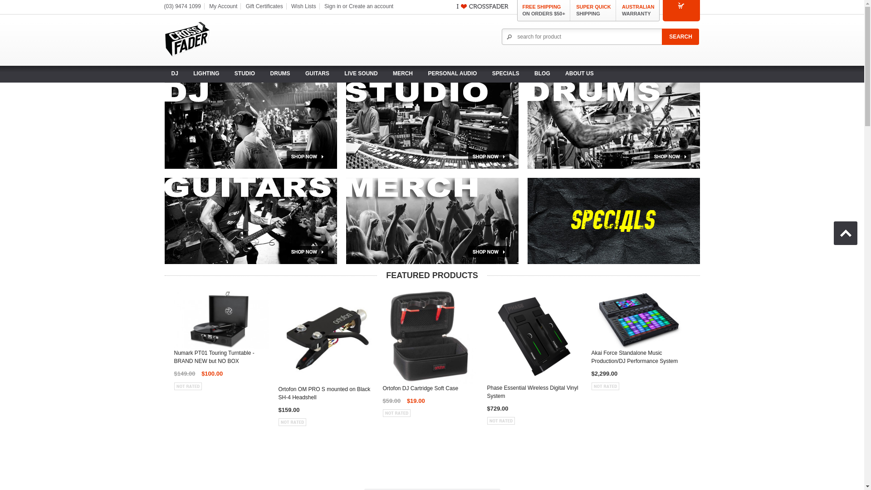 Image resolution: width=871 pixels, height=490 pixels. Describe the element at coordinates (303, 6) in the screenshot. I see `'Wish Lists'` at that location.